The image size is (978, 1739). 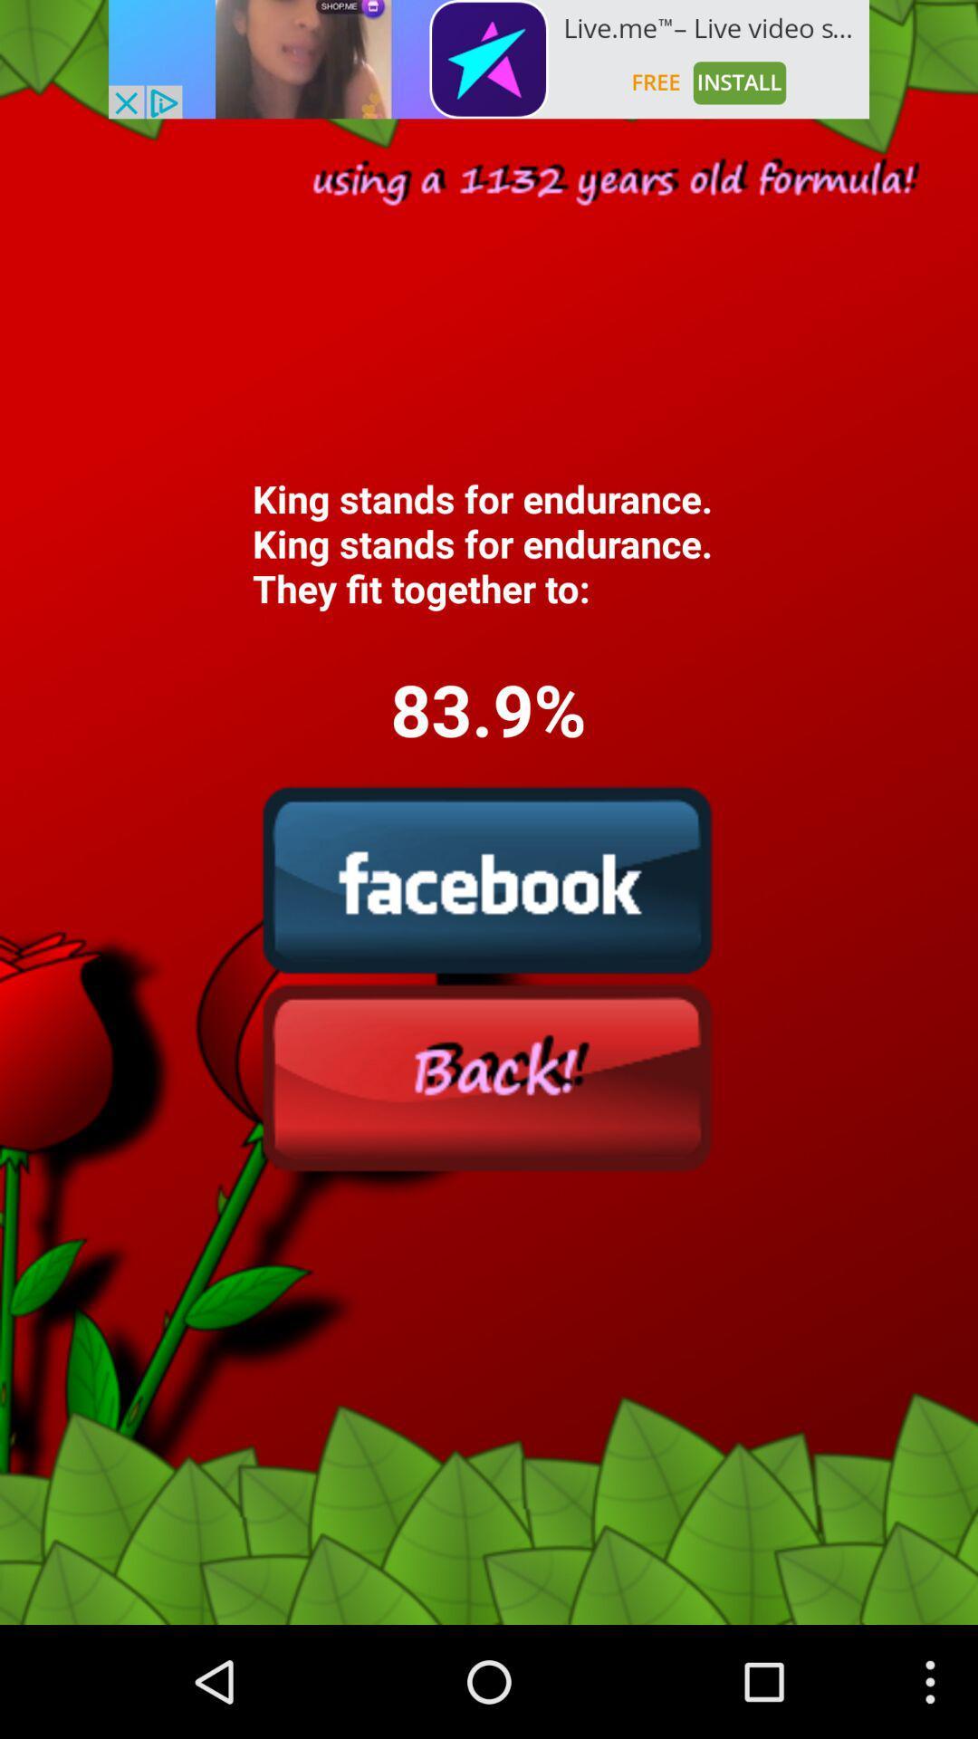 What do you see at coordinates (487, 879) in the screenshot?
I see `share on facebook` at bounding box center [487, 879].